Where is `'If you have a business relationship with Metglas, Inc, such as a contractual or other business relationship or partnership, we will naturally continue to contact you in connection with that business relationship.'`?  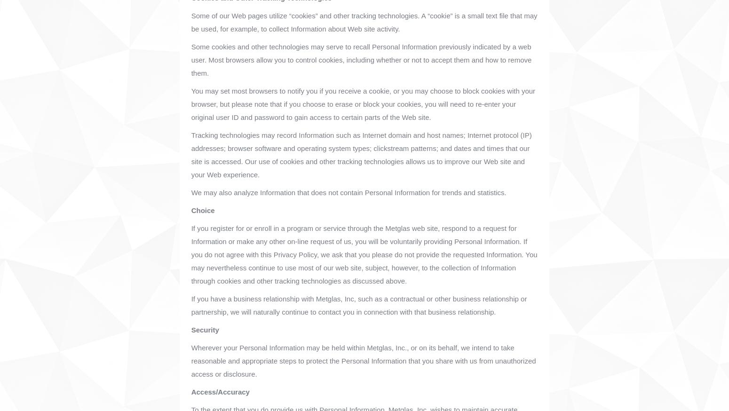 'If you have a business relationship with Metglas, Inc, such as a contractual or other business relationship or partnership, we will naturally continue to contact you in connection with that business relationship.' is located at coordinates (359, 305).